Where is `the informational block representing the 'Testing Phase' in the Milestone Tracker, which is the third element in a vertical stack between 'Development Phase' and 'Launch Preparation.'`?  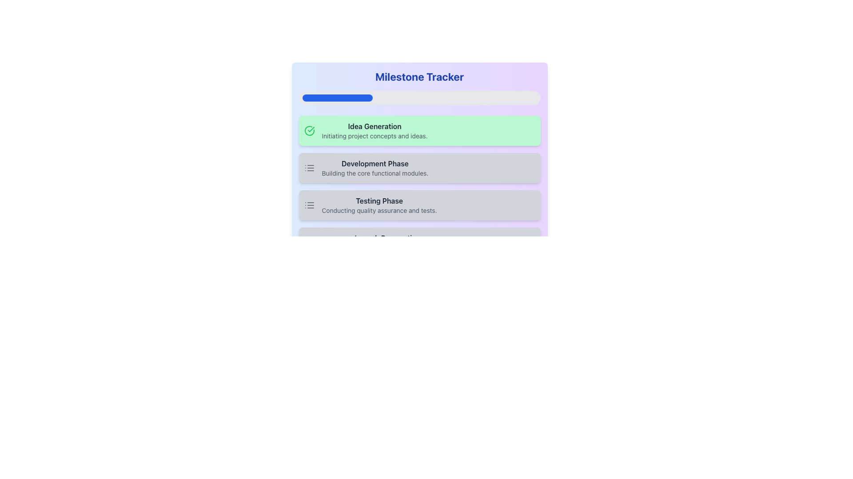 the informational block representing the 'Testing Phase' in the Milestone Tracker, which is the third element in a vertical stack between 'Development Phase' and 'Launch Preparation.' is located at coordinates (419, 205).